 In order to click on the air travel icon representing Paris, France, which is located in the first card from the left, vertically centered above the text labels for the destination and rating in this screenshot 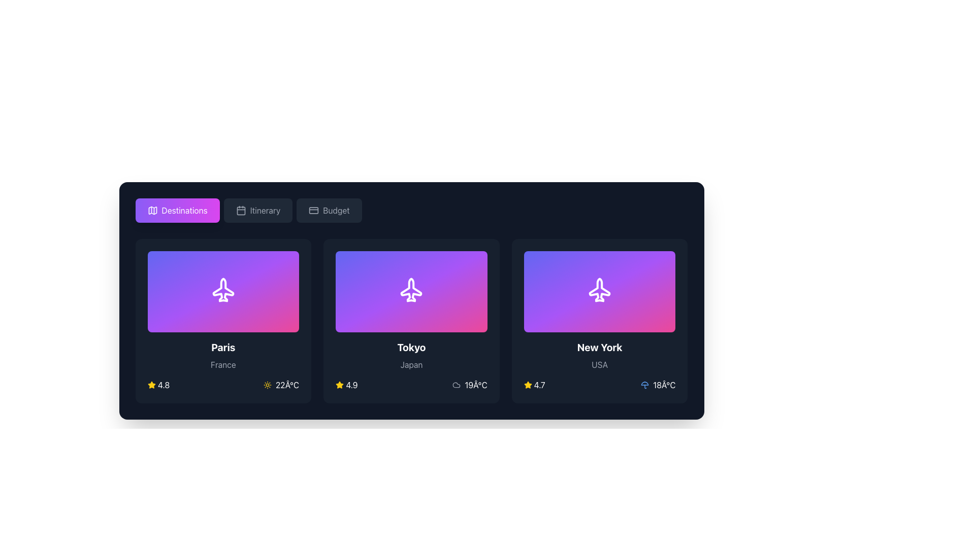, I will do `click(222, 291)`.